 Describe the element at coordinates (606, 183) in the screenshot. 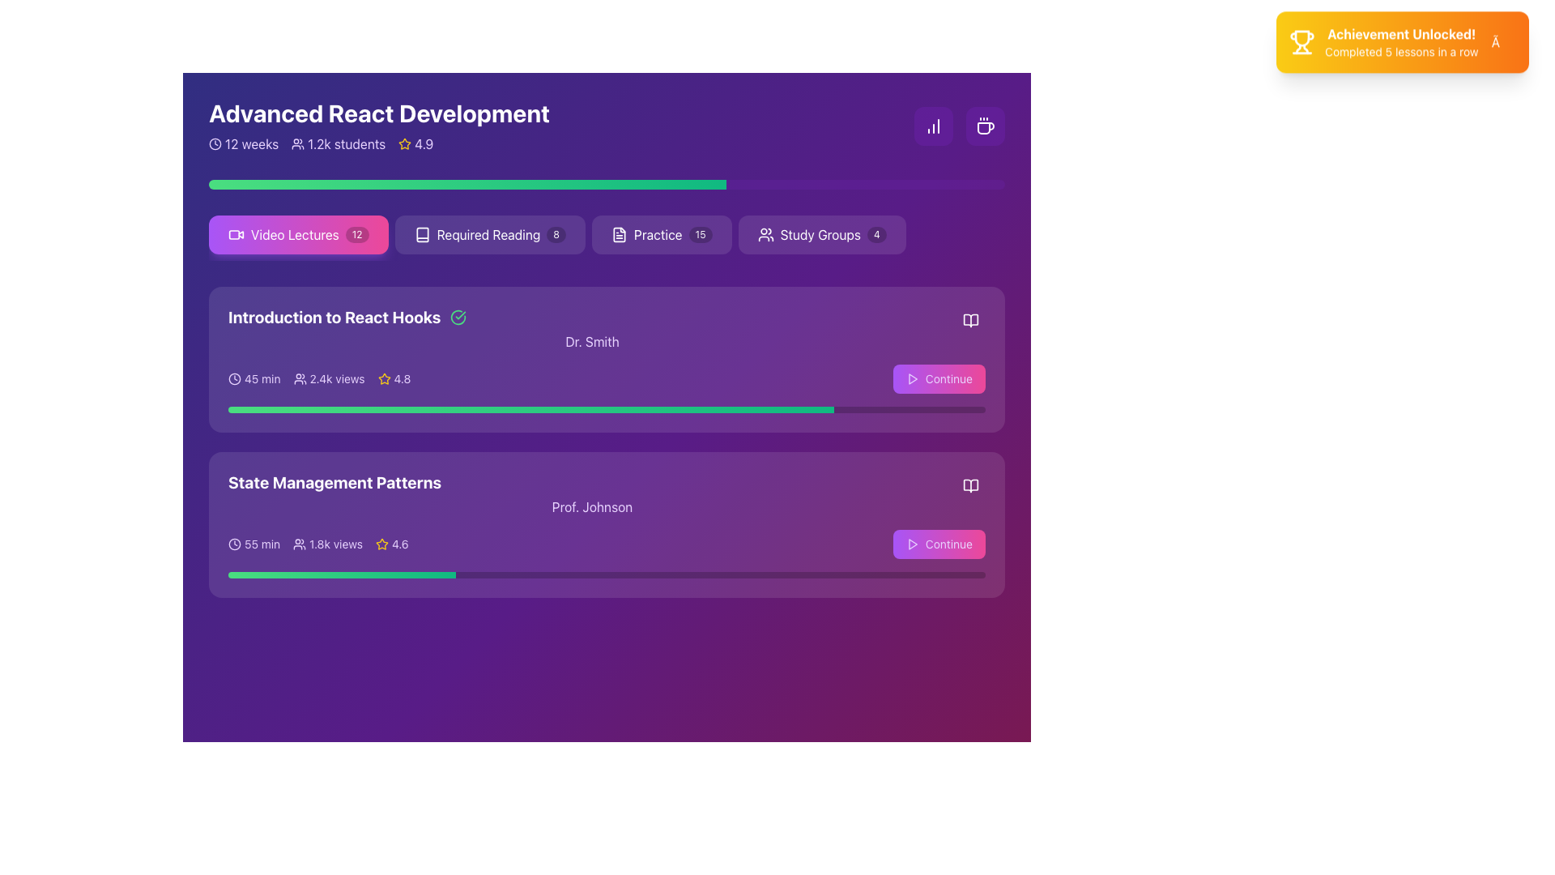

I see `the visual progress bar located beneath the title 'Advanced React Development', which has a rounded appearance and is filled with a gradient from green to emerald` at that location.